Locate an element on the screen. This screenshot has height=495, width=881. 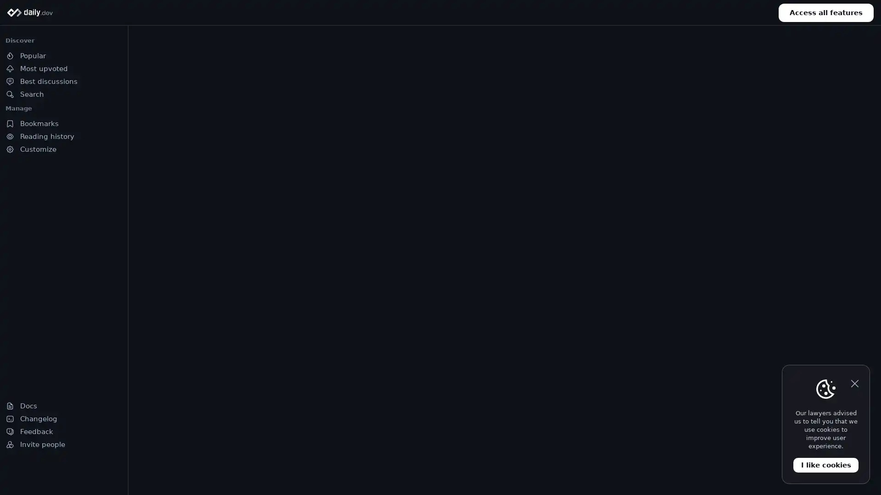
Choose tags is located at coordinates (593, 55).